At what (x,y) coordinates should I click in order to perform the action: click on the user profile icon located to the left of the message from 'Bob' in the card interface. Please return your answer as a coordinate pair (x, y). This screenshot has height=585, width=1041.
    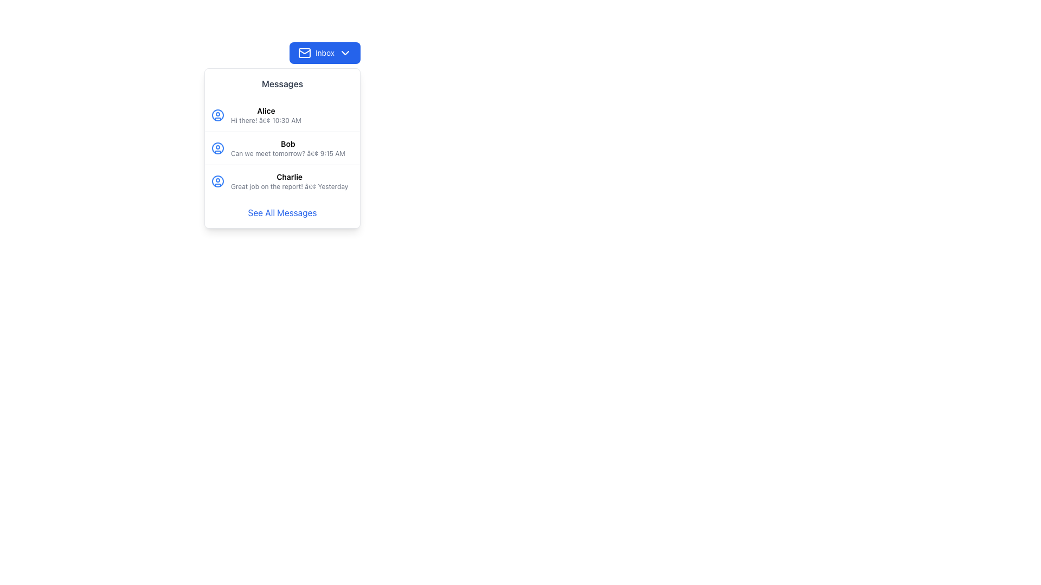
    Looking at the image, I should click on (217, 148).